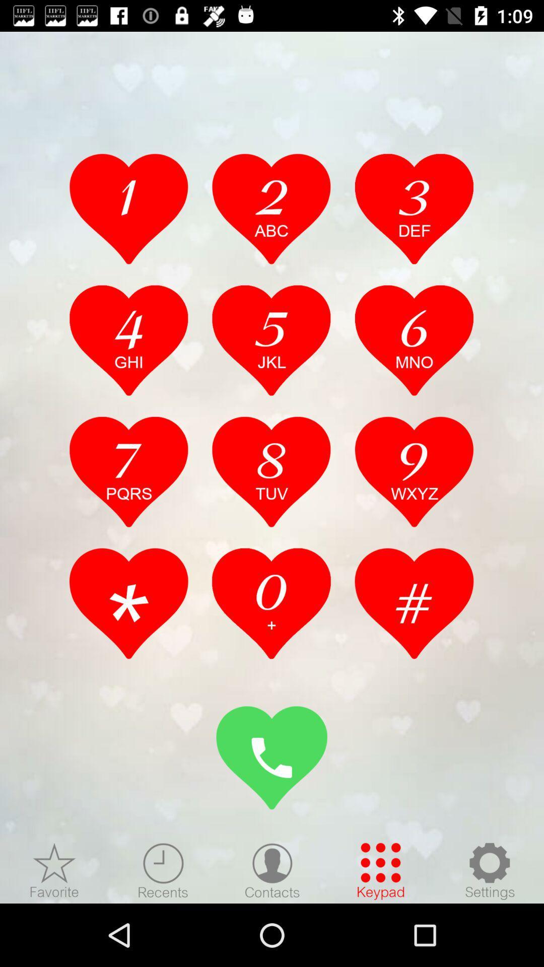 The height and width of the screenshot is (967, 544). Describe the element at coordinates (128, 340) in the screenshot. I see `4 ghi` at that location.